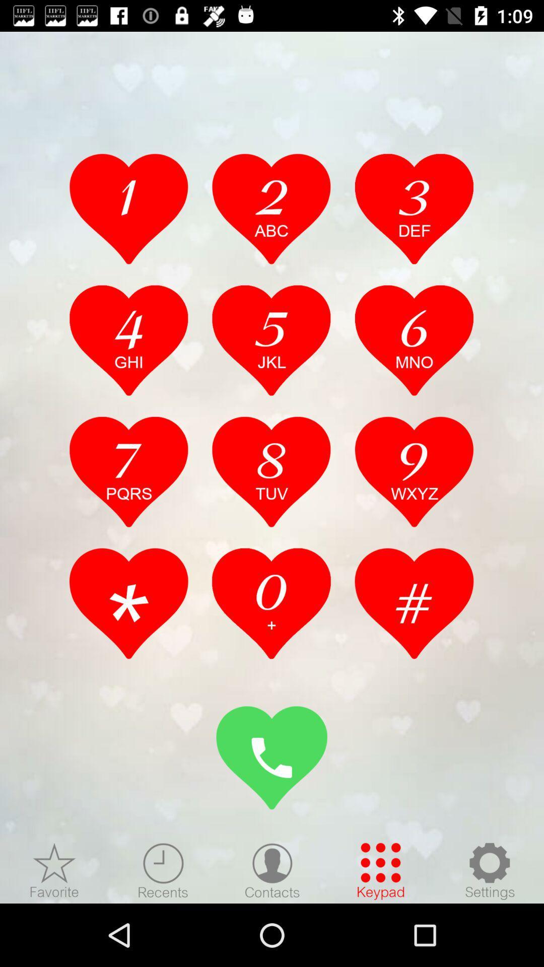 The height and width of the screenshot is (967, 544). Describe the element at coordinates (128, 340) in the screenshot. I see `4 ghi` at that location.